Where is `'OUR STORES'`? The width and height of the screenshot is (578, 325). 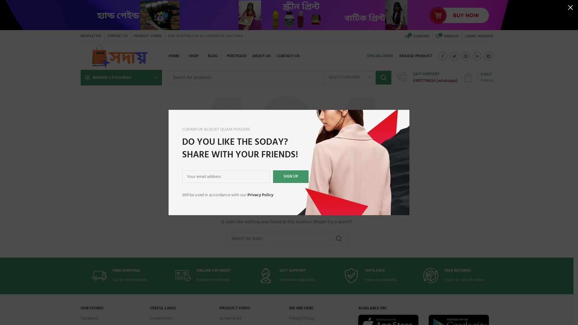
'OUR STORES' is located at coordinates (112, 308).